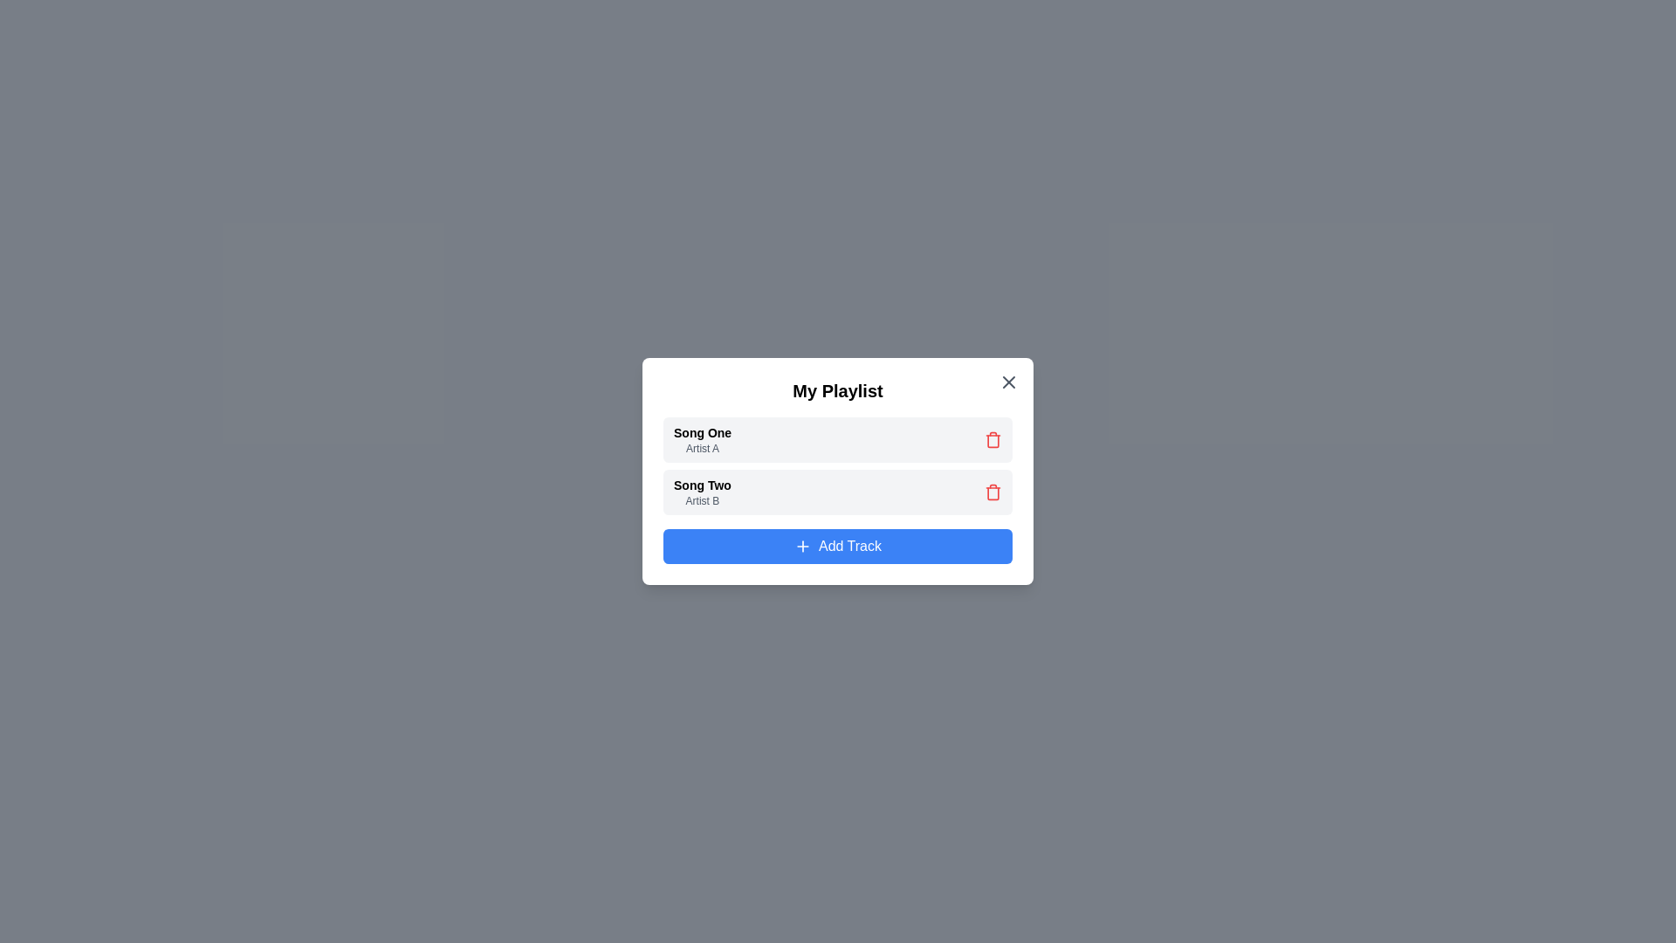  Describe the element at coordinates (1009, 382) in the screenshot. I see `the close button located in the top-right corner of the 'My Playlist' dialog` at that location.